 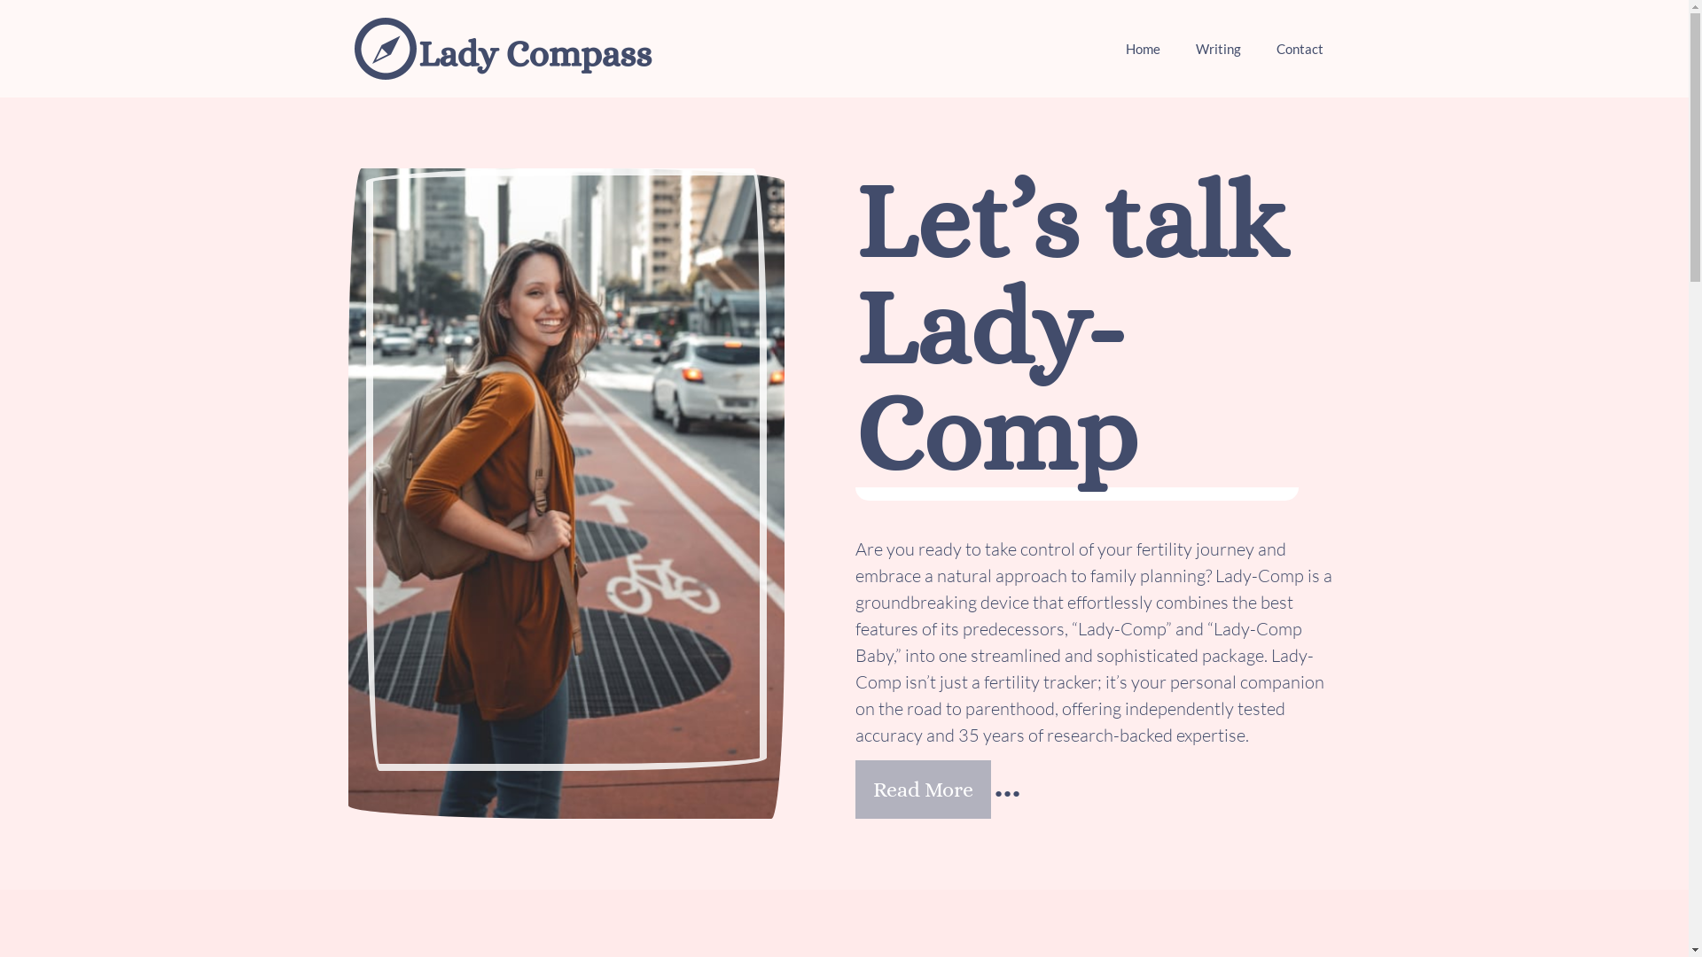 I want to click on 'Contact', so click(x=1258, y=47).